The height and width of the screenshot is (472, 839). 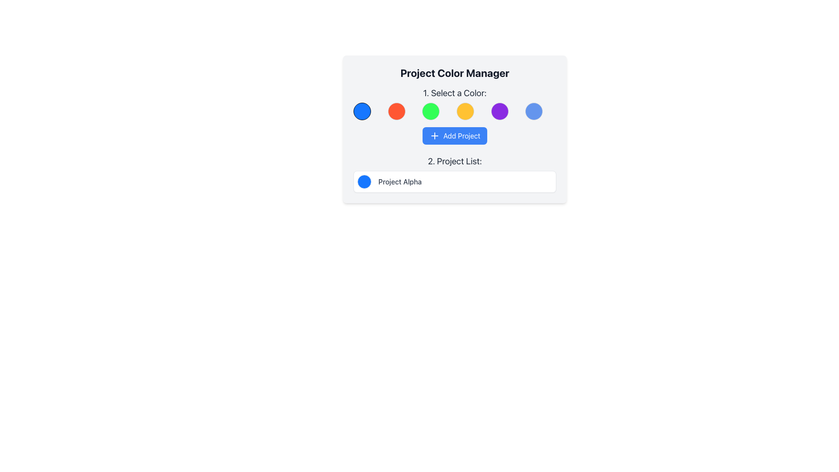 What do you see at coordinates (465, 111) in the screenshot?
I see `the fourth selectable color option, which is a small circular shape with a yellow background` at bounding box center [465, 111].